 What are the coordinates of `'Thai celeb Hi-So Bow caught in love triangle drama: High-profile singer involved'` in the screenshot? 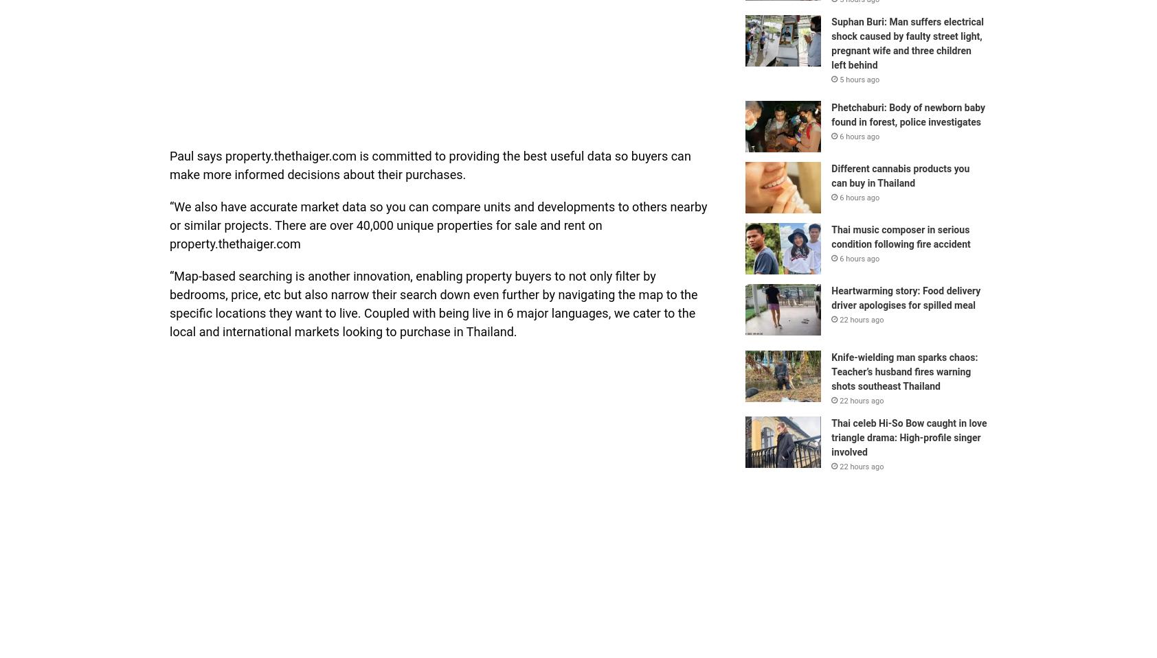 It's located at (908, 436).